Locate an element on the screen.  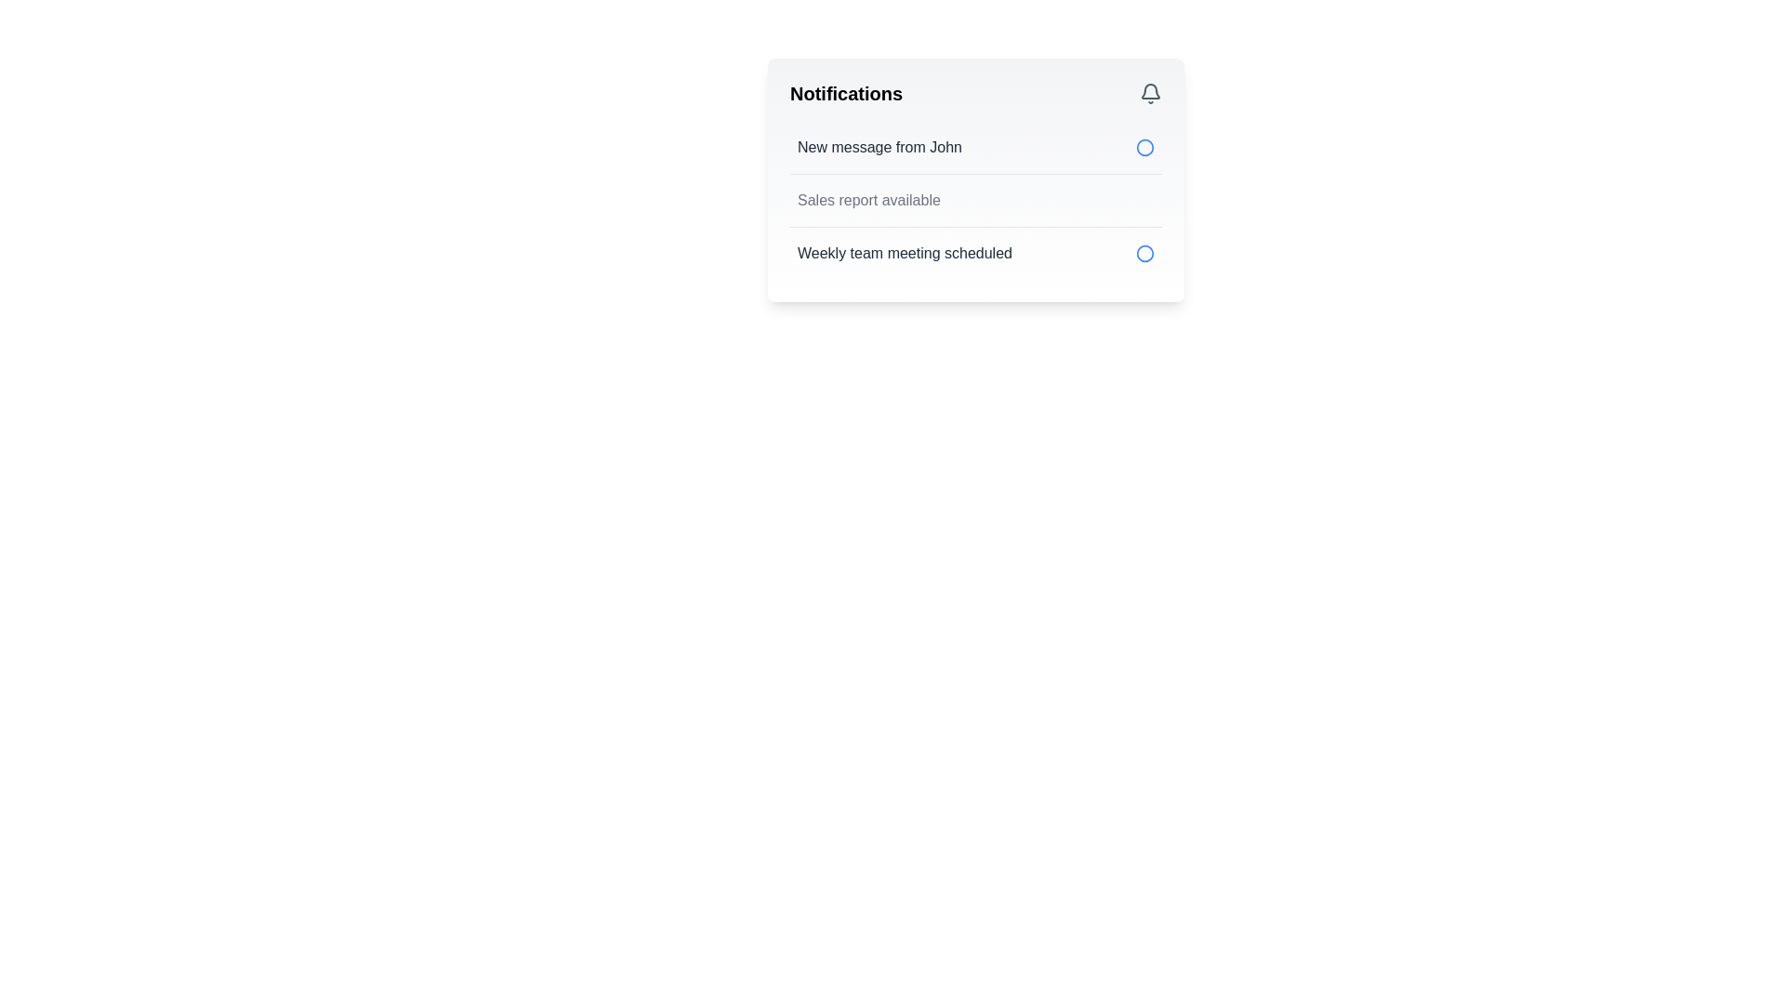
the circular indicator associated with the 'Weekly team meeting scheduled' notification is located at coordinates (1144, 146).